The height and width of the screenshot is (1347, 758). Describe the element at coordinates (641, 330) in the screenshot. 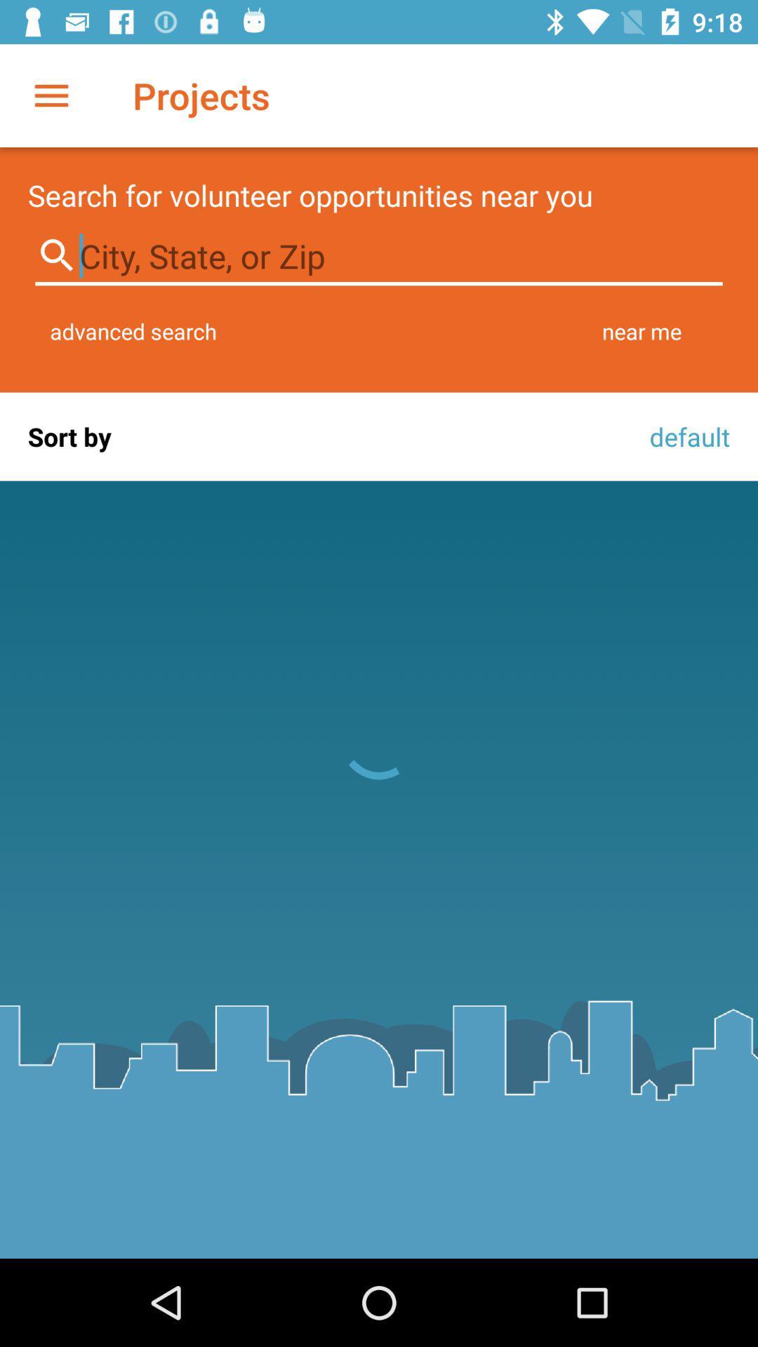

I see `near me` at that location.